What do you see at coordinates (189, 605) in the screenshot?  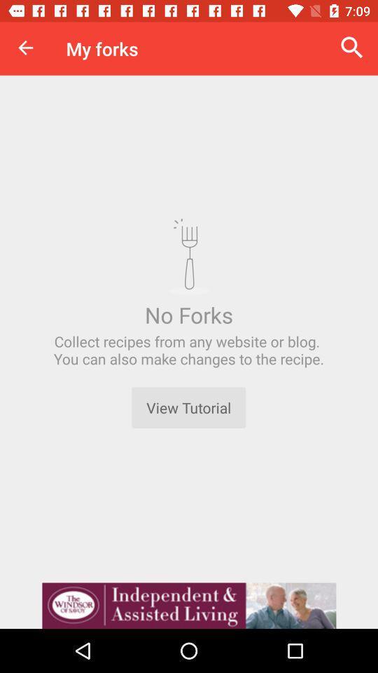 I see `advertisement` at bounding box center [189, 605].